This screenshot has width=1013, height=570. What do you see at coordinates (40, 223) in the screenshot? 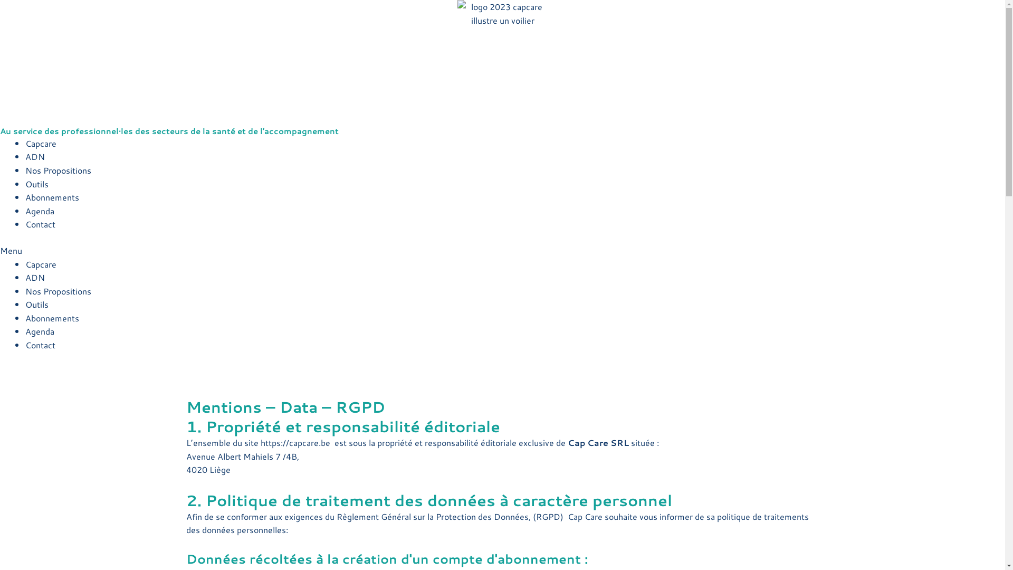
I see `'Contact'` at bounding box center [40, 223].